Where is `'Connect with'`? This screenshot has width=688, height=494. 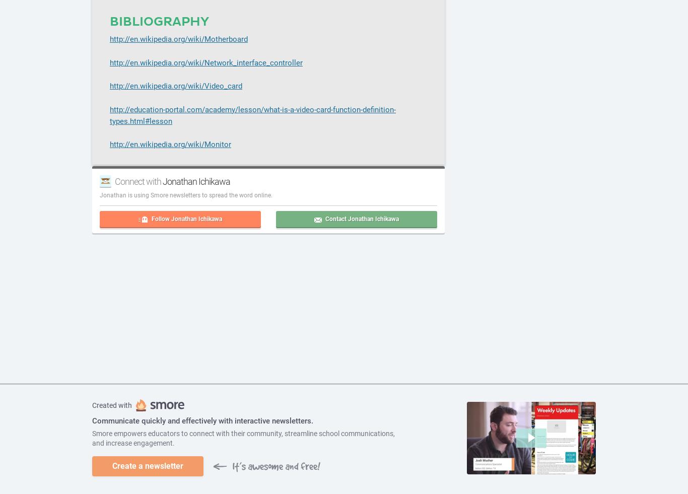
'Connect with' is located at coordinates (114, 180).